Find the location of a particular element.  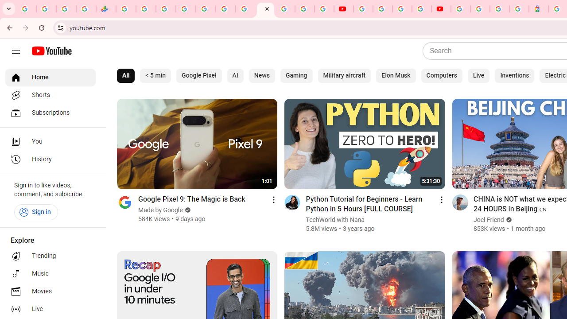

'YouTube' is located at coordinates (343, 9).